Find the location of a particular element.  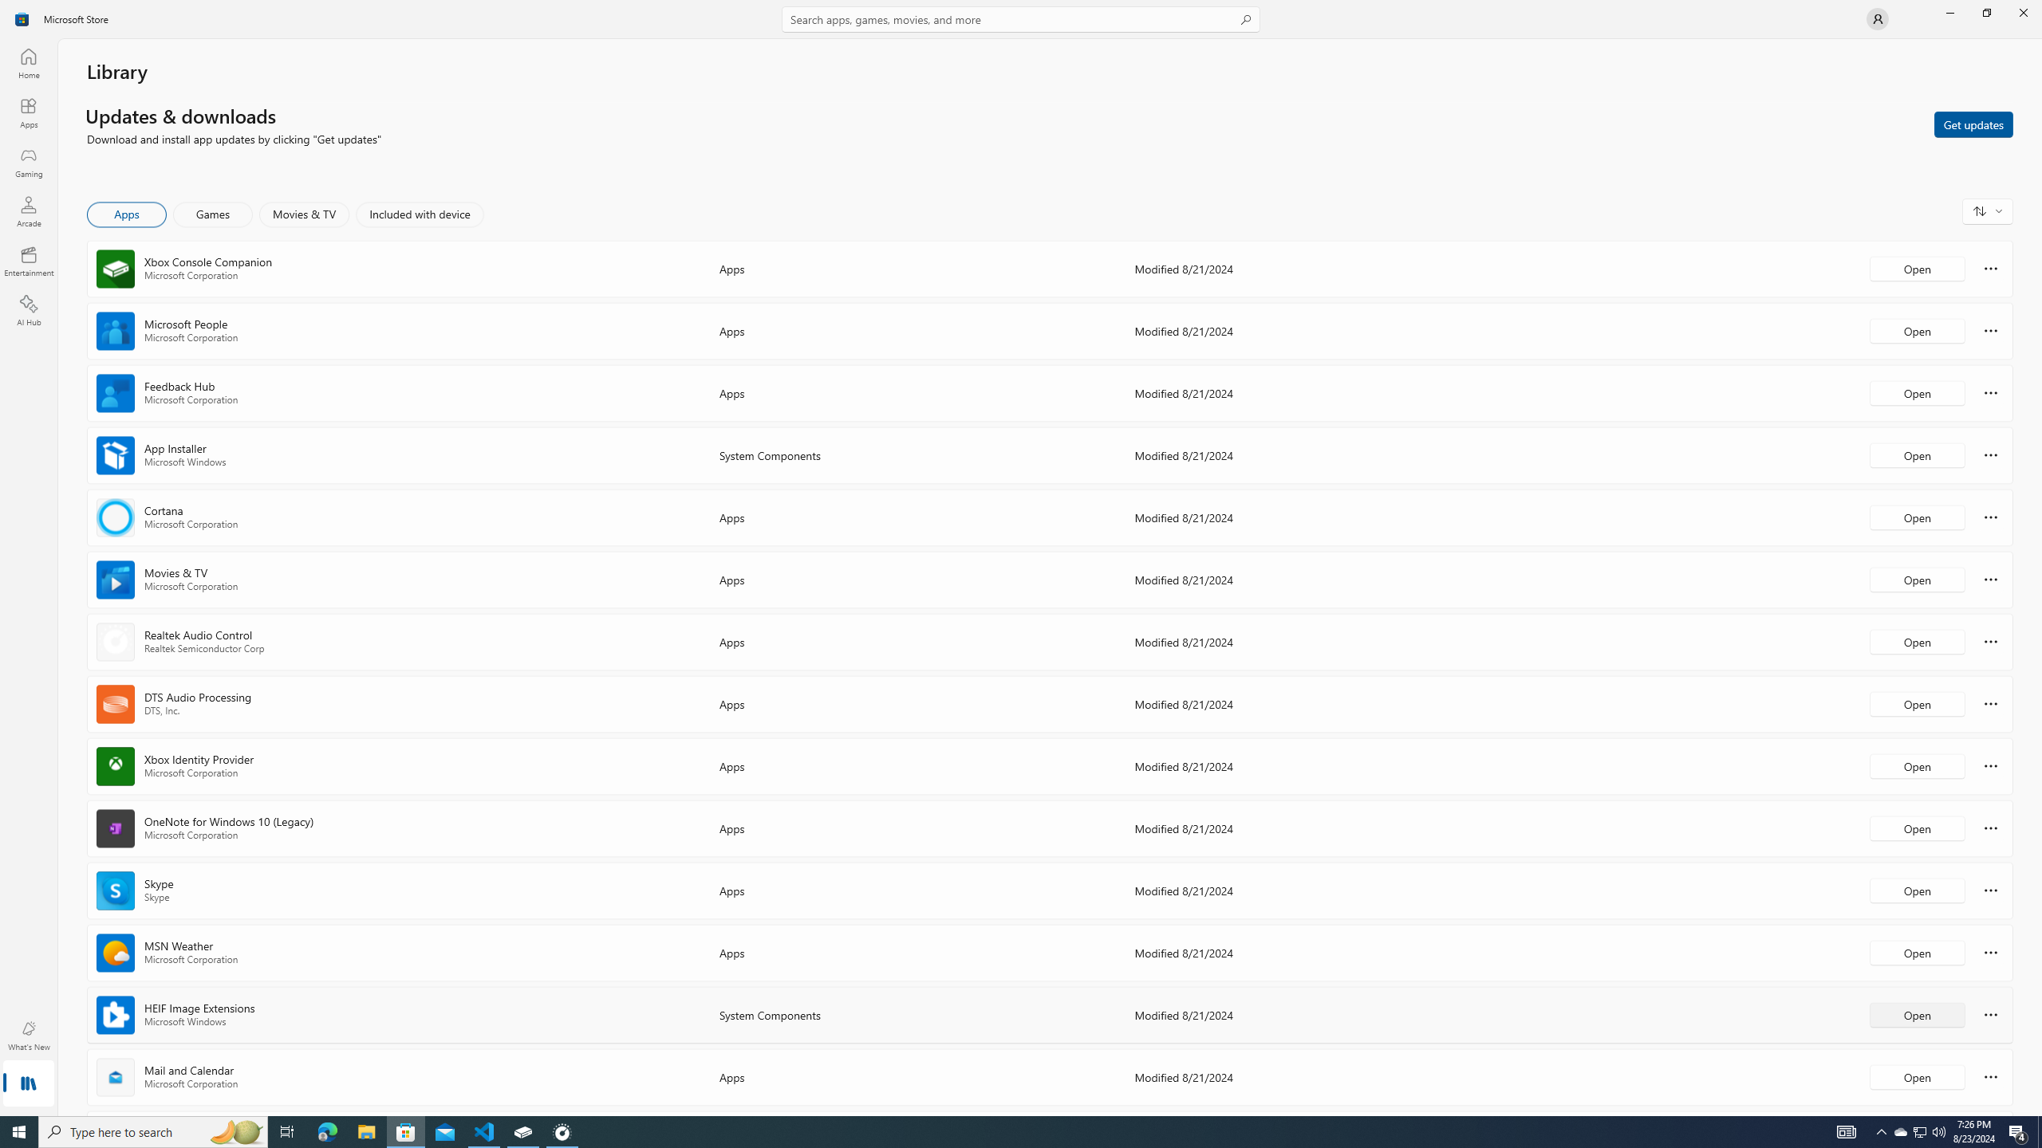

'Get updates' is located at coordinates (1973, 123).